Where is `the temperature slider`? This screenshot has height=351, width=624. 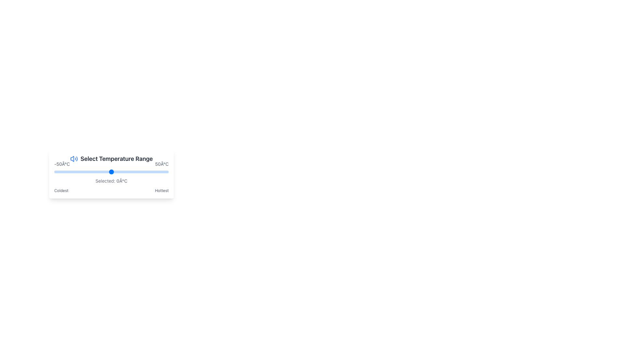
the temperature slider is located at coordinates (116, 171).